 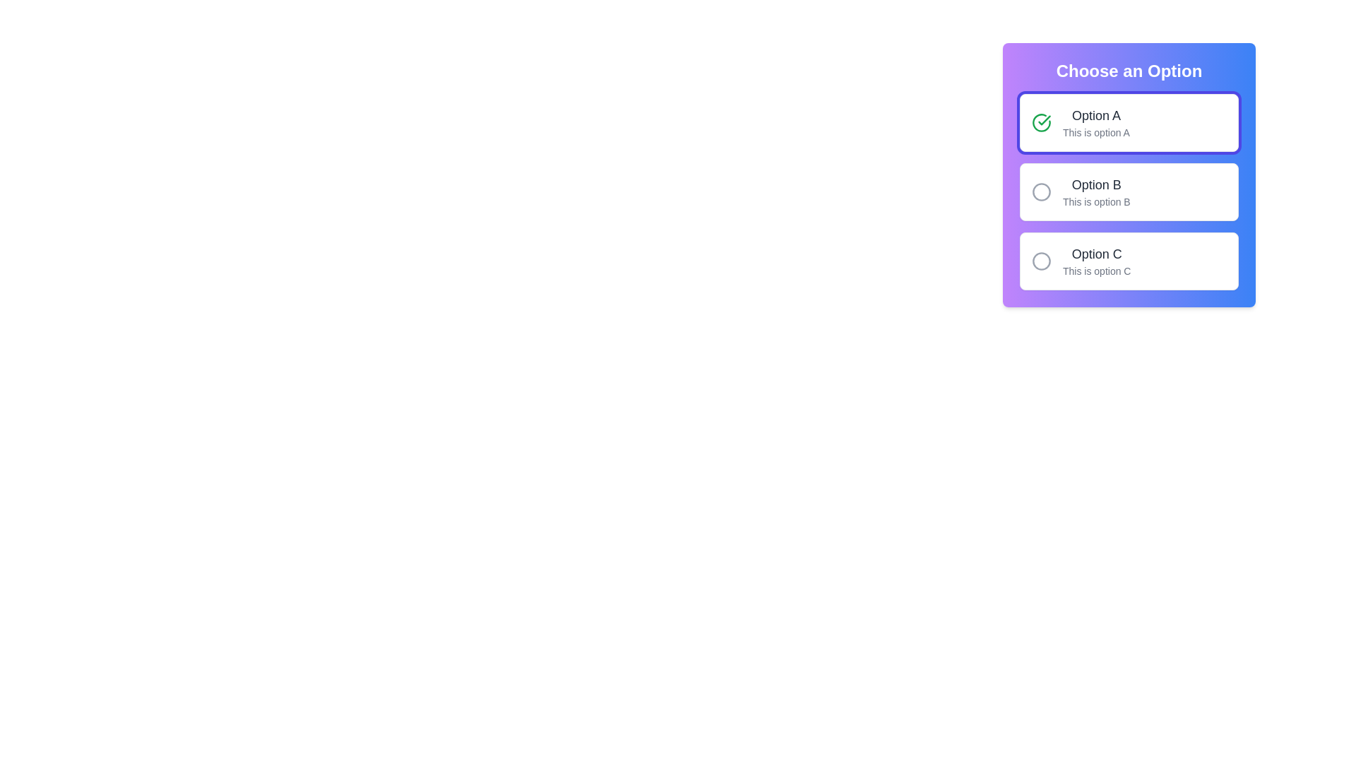 What do you see at coordinates (1128, 261) in the screenshot?
I see `the third selectable list item representing 'Option C' in the radio button group` at bounding box center [1128, 261].